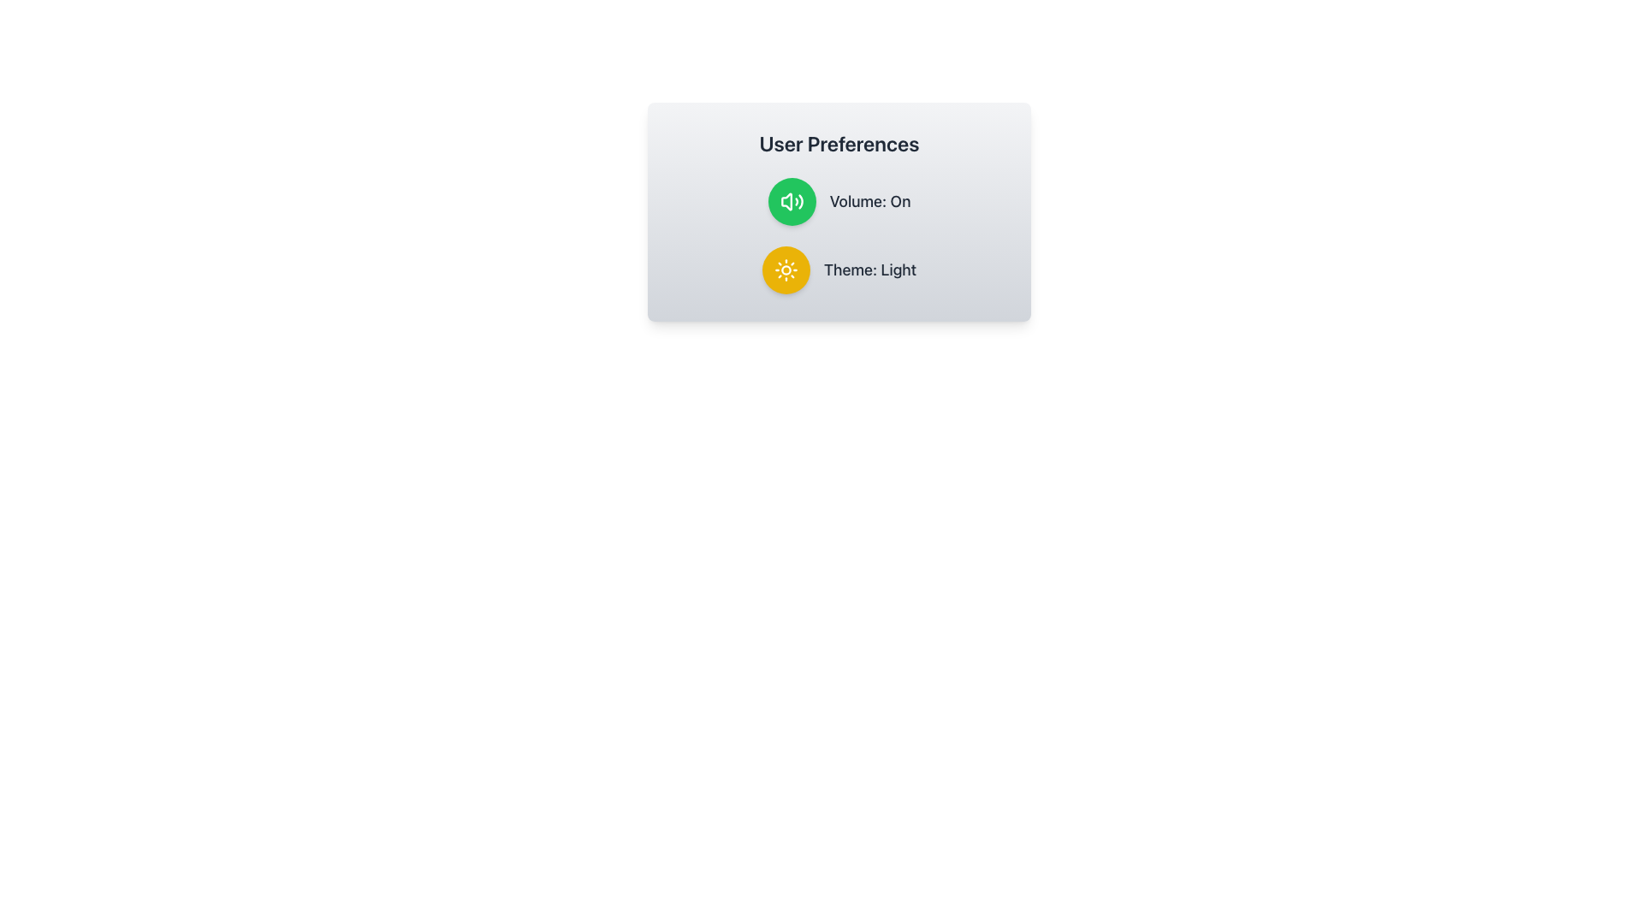 This screenshot has width=1643, height=924. What do you see at coordinates (839, 269) in the screenshot?
I see `the 'Theme: Light' element, which features a yellow circular icon with a sun symbol` at bounding box center [839, 269].